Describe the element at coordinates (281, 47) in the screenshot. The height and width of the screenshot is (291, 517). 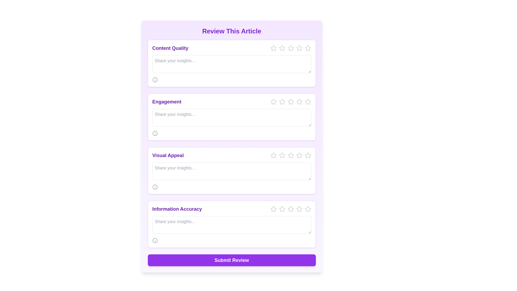
I see `the first rating star icon to rate the Content Quality of the article` at that location.